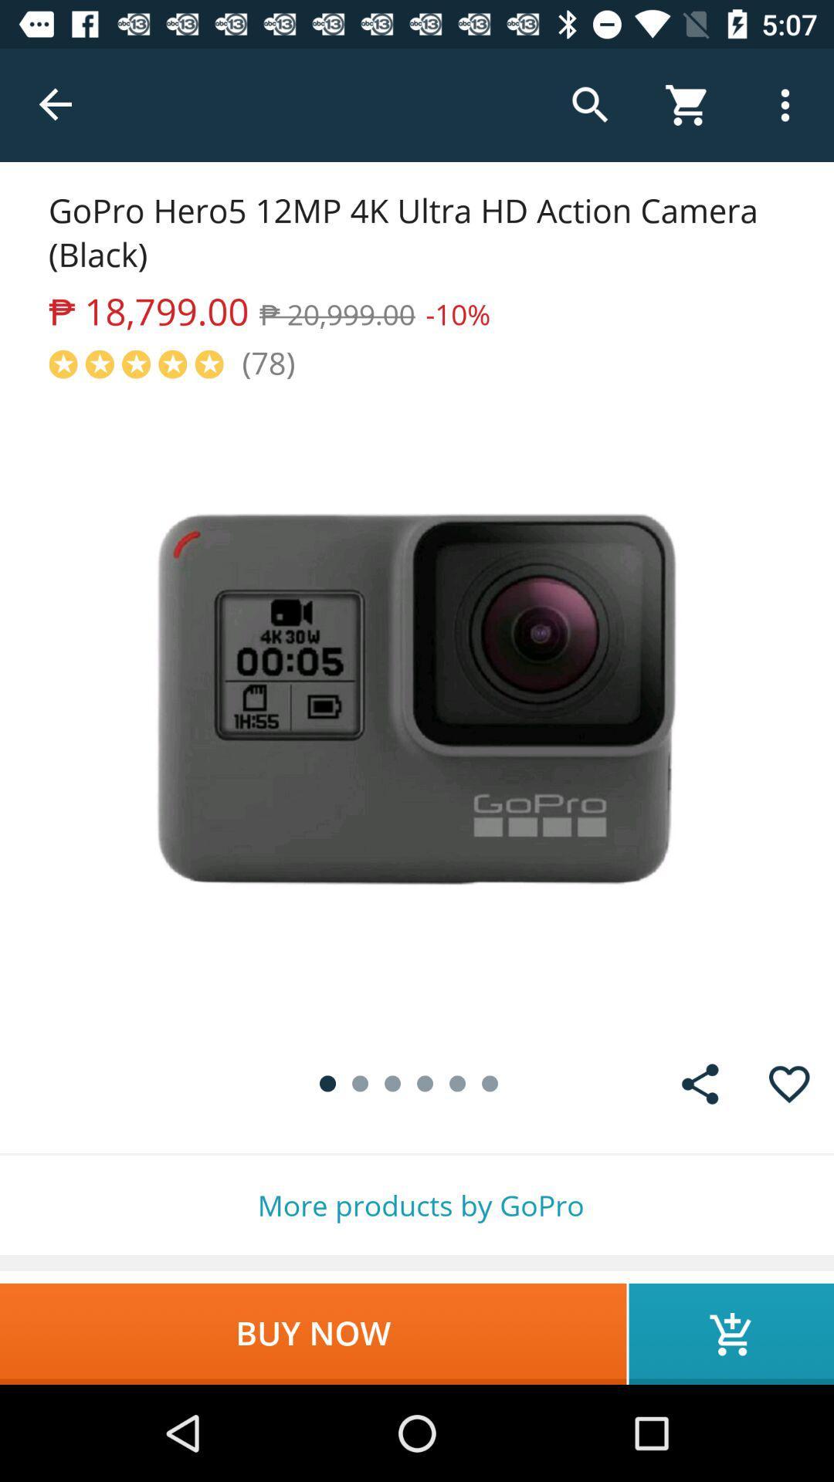 The width and height of the screenshot is (834, 1482). What do you see at coordinates (417, 710) in the screenshot?
I see `zoom on picture` at bounding box center [417, 710].